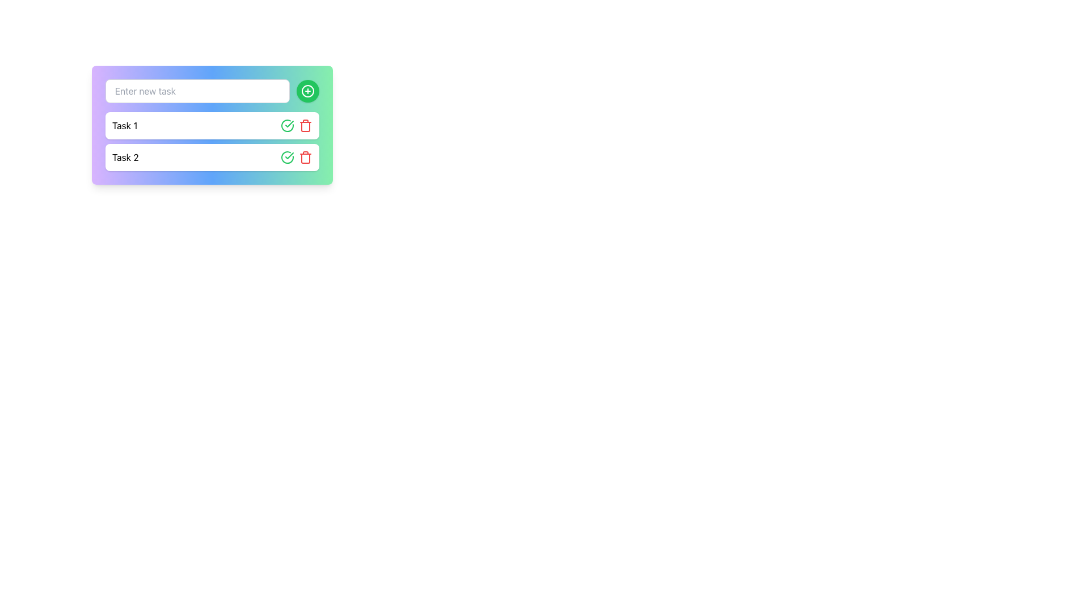  Describe the element at coordinates (125, 126) in the screenshot. I see `the Text label that displays the name of the task in the top-left section of the top task card in the task list` at that location.